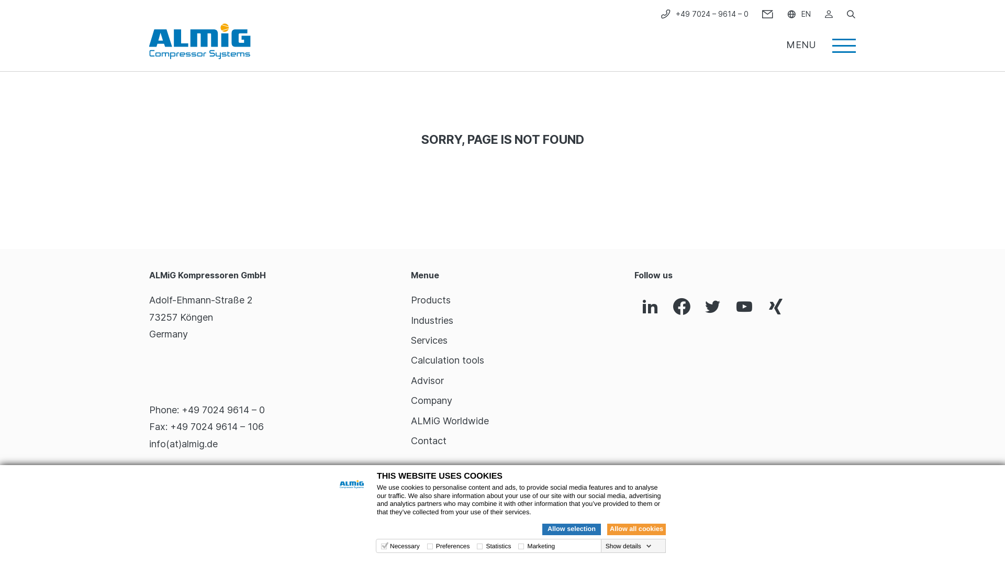 This screenshot has width=1005, height=565. Describe the element at coordinates (820, 40) in the screenshot. I see `'MENU'` at that location.